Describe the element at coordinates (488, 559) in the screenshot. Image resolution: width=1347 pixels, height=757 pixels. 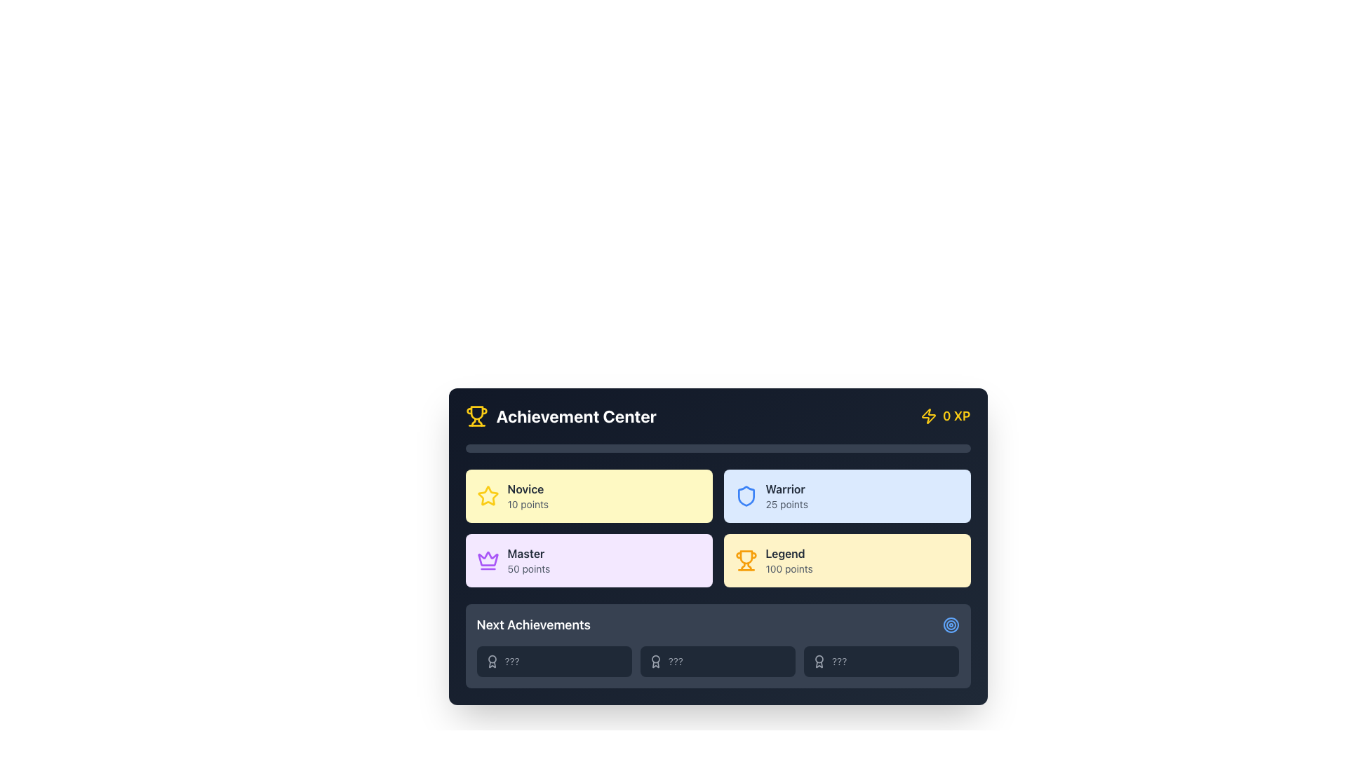
I see `purple crown icon located on the left side of the 'Master' achievement card in the 'Achievement Center' section` at that location.